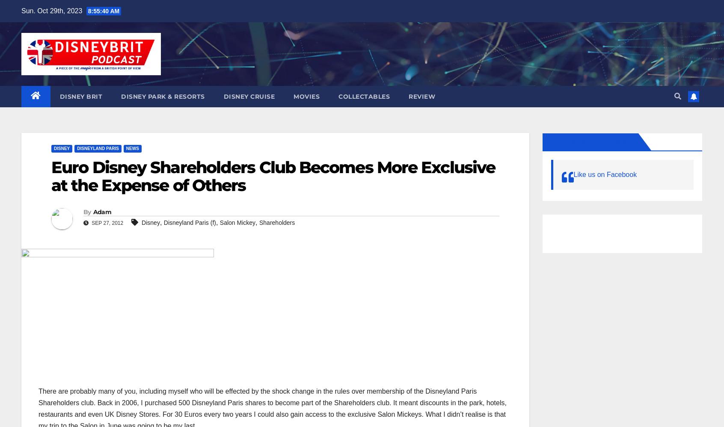  I want to click on 'Disneyland Paris (f)', so click(189, 222).